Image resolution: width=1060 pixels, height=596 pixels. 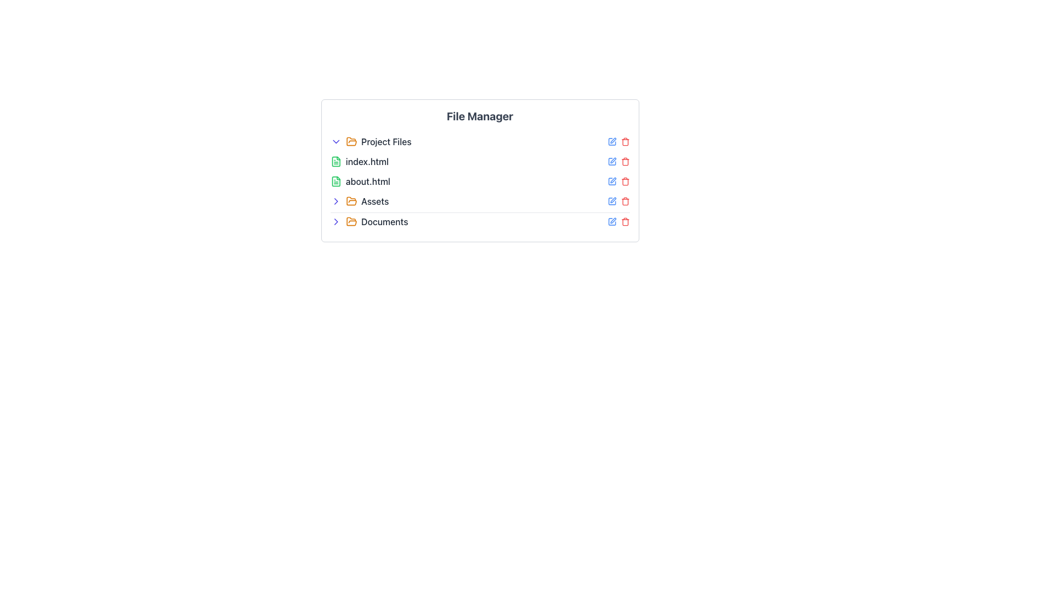 What do you see at coordinates (335, 201) in the screenshot?
I see `the Chevron Icon located to the right of the 'Documents' folder in the file manager interface, which indicates expandable content` at bounding box center [335, 201].